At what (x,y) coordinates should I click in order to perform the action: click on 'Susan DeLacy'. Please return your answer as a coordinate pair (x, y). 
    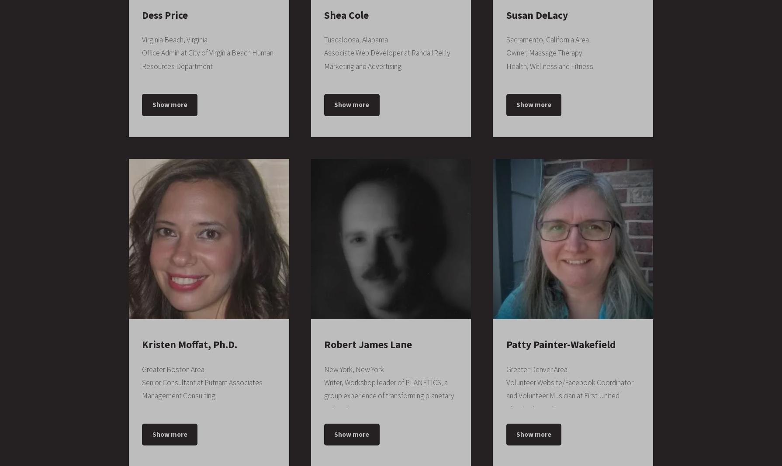
    Looking at the image, I should click on (505, 14).